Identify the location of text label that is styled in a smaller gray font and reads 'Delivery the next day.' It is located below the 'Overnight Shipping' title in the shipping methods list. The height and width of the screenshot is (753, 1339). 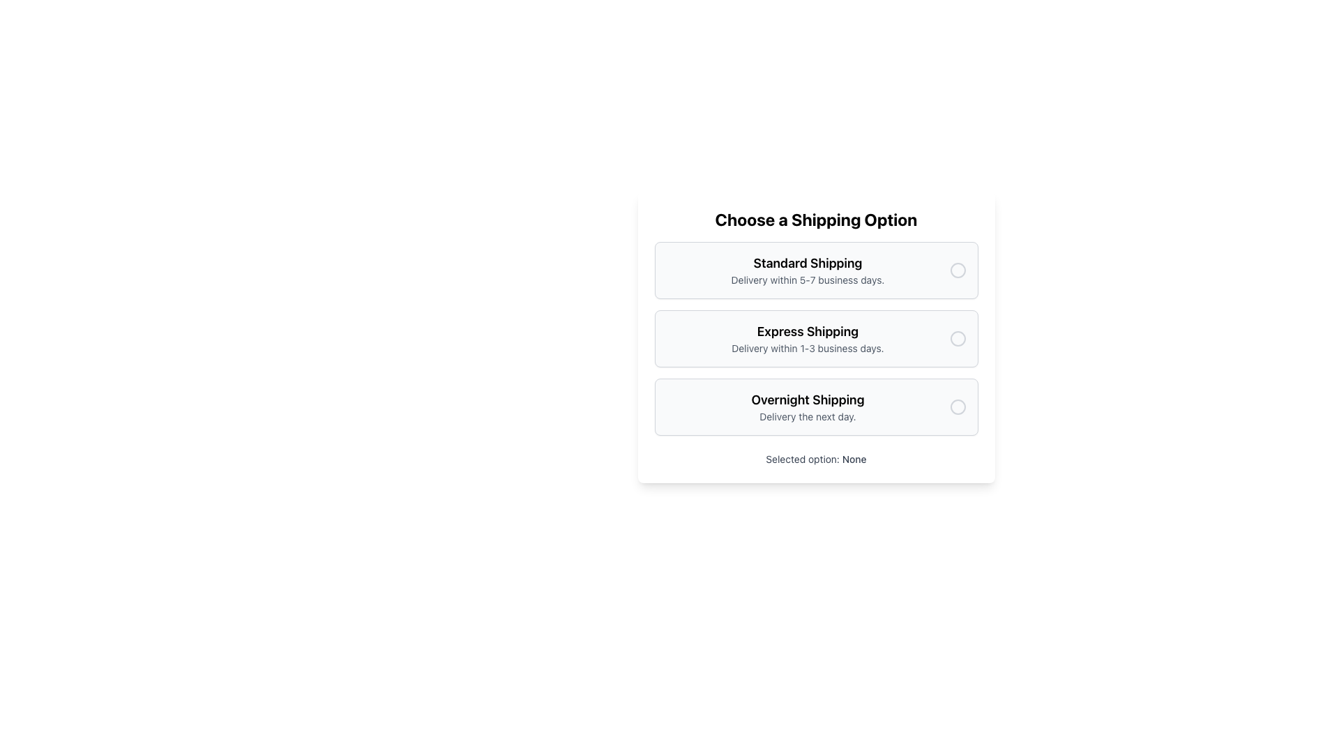
(808, 416).